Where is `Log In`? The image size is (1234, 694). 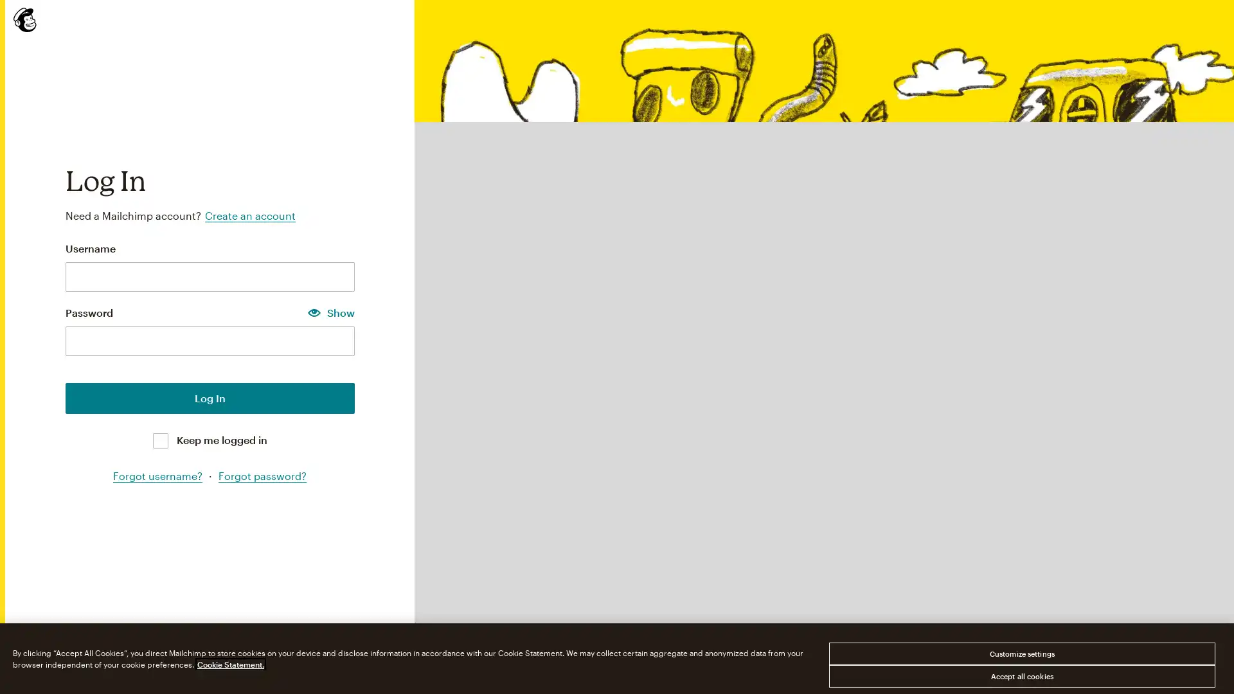 Log In is located at coordinates (210, 396).